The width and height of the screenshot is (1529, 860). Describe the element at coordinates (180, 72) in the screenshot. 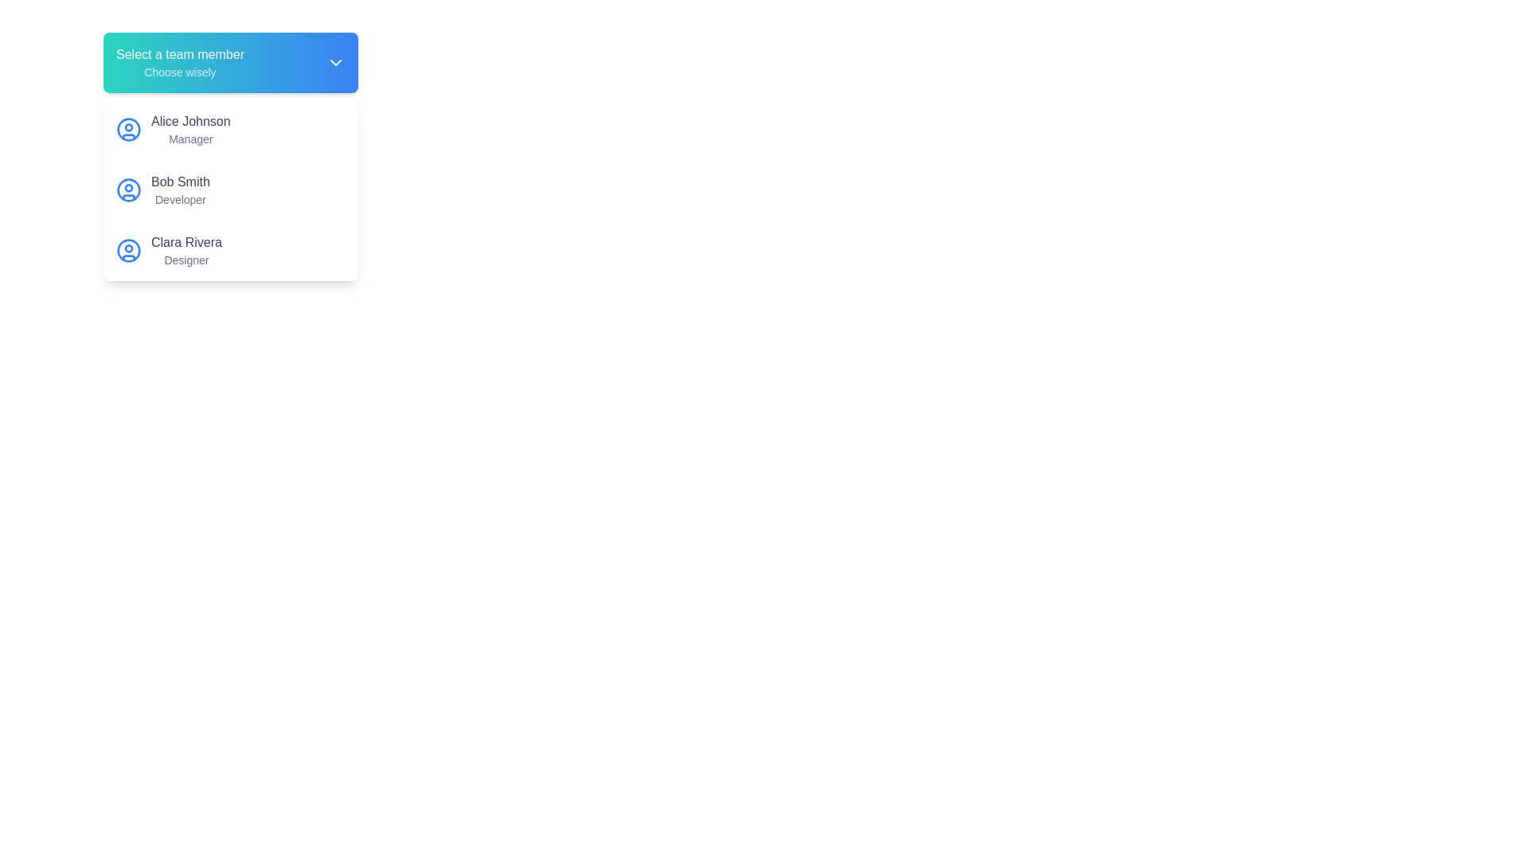

I see `the italic-styled text label reading 'Choose wisely' that is positioned directly below the larger bold text 'Select a team member'` at that location.